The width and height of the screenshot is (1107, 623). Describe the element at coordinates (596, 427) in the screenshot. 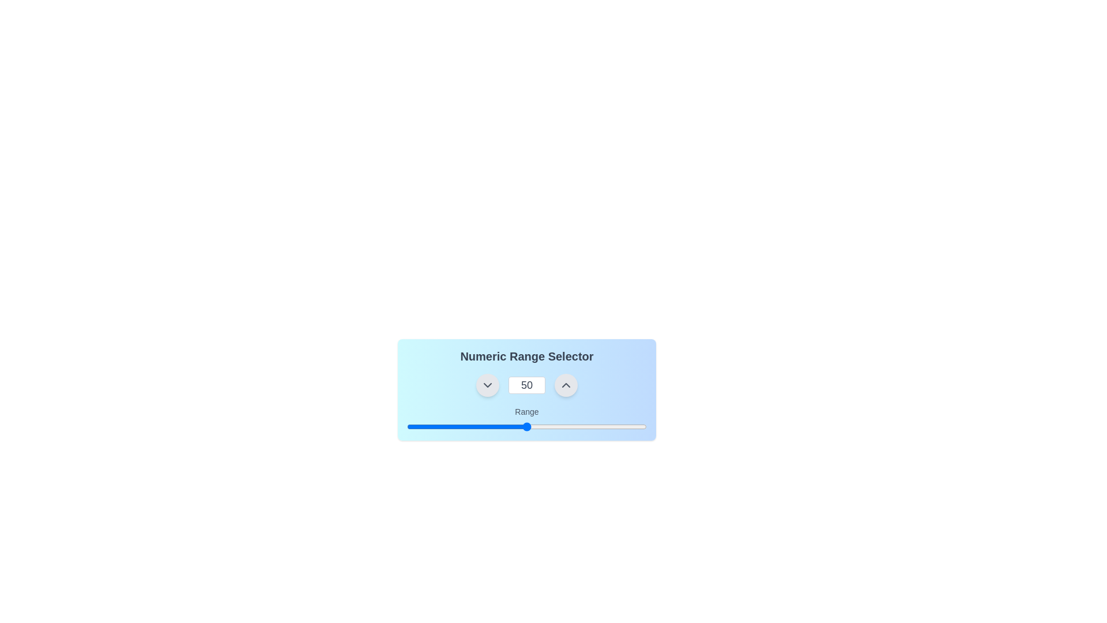

I see `range` at that location.